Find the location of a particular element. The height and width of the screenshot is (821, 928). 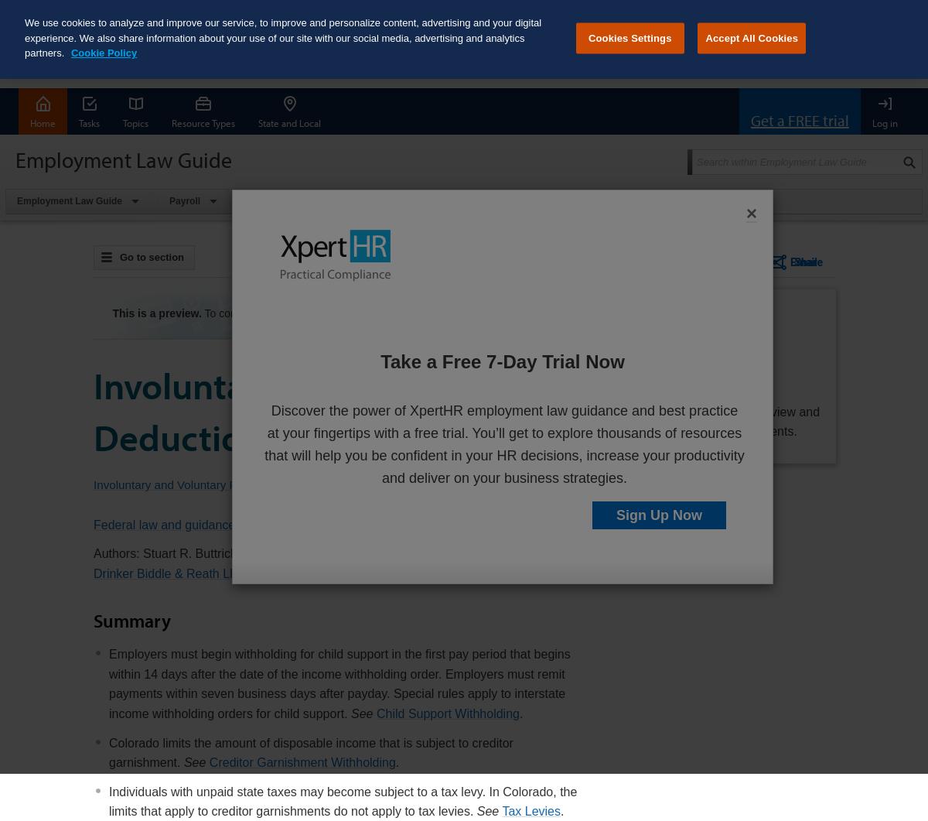

'Authors: Stuart R. Buttrick, Tareen Zafrullah, Susan W. Kline and Mary L. Will,' is located at coordinates (308, 553).